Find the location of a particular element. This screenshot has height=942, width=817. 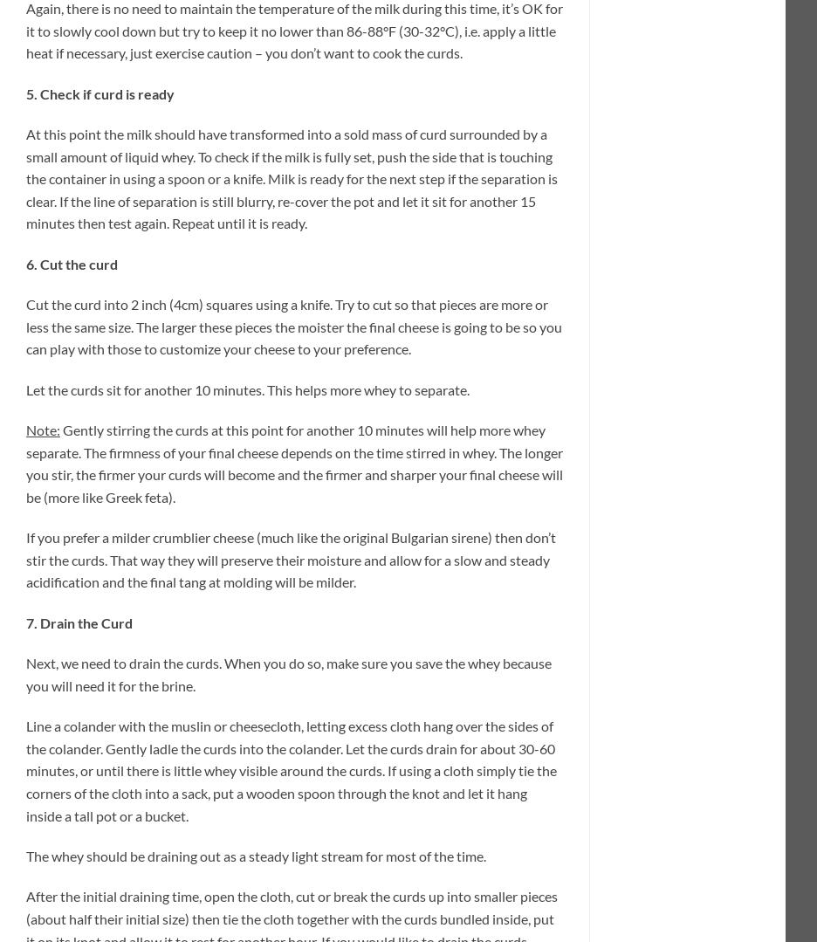

'Gently stirring the curds at this point for another 10 minutes will help more whey separate. The firmness of your final cheese depends on the time stirred in whey. The longer you stir, the firmer your curds will become and the firmer and sharper your final cheese will be (more like Greek feta).' is located at coordinates (293, 463).